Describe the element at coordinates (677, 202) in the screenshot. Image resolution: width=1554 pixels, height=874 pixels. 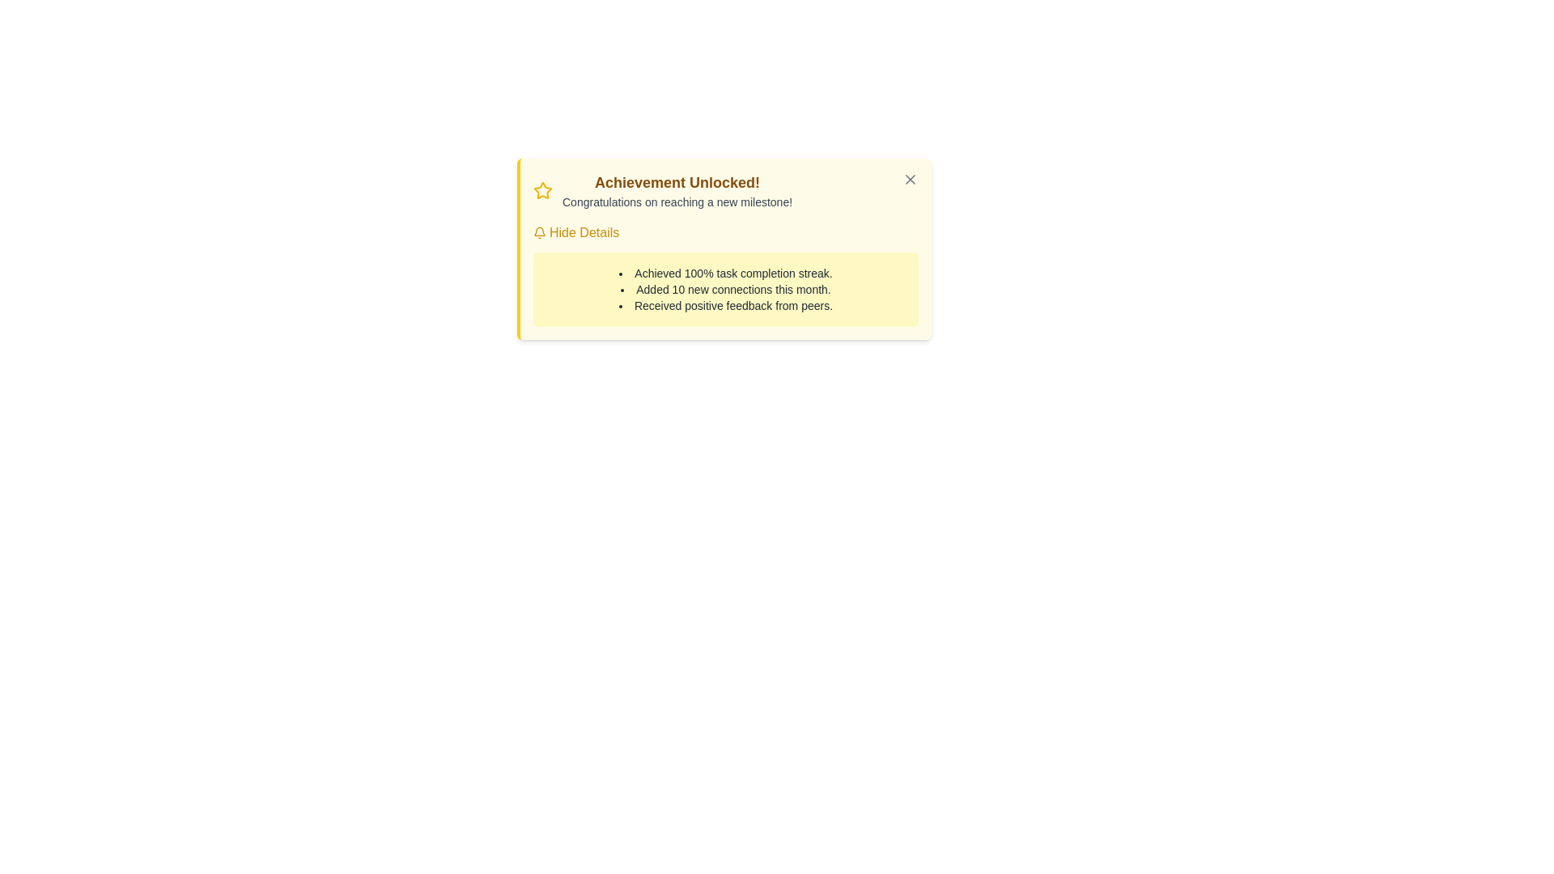
I see `the text label reading 'Congratulations on reaching a new milestone!' which is styled with a small font size and gray color, positioned below the bold headline 'Achievement Unlocked!' in a notification-style card` at that location.